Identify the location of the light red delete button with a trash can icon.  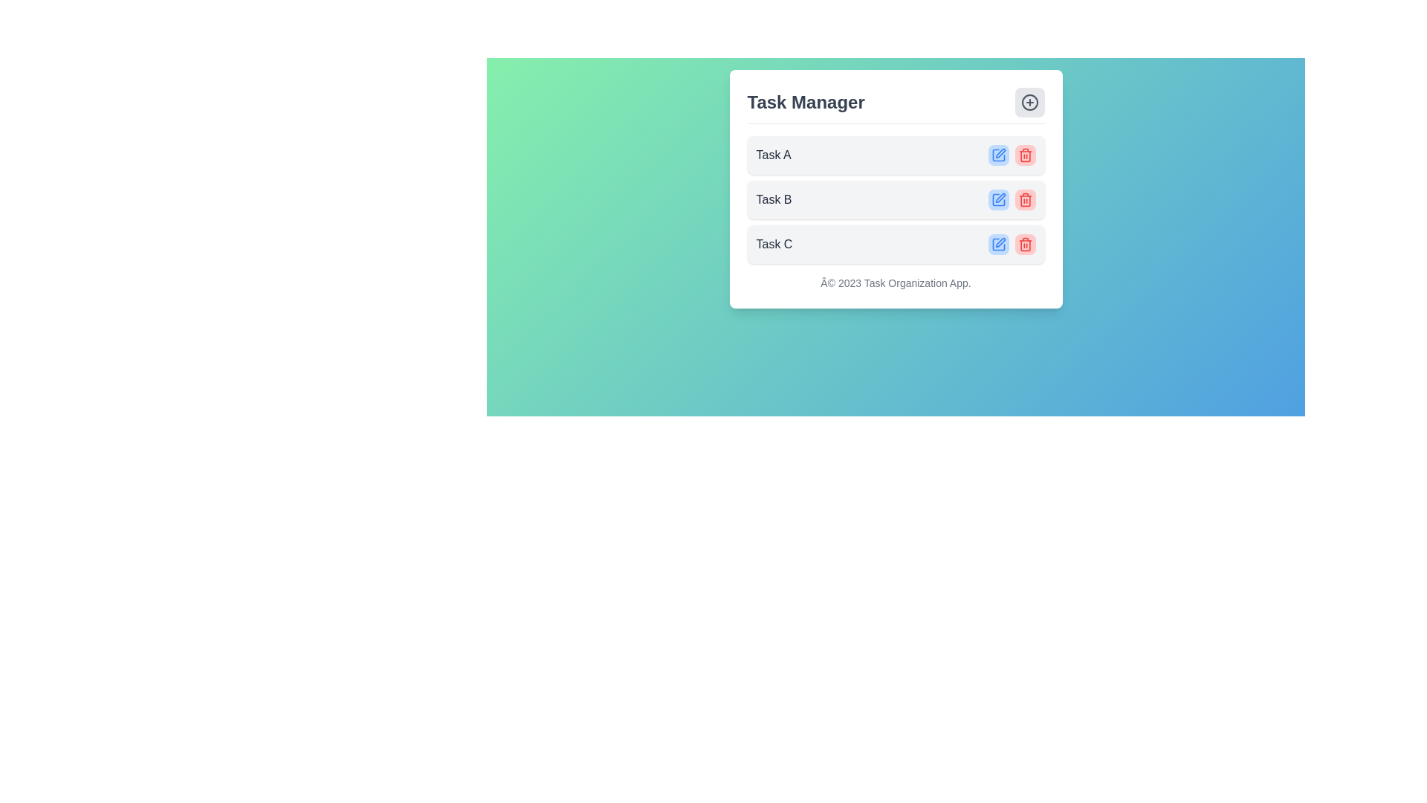
(1024, 243).